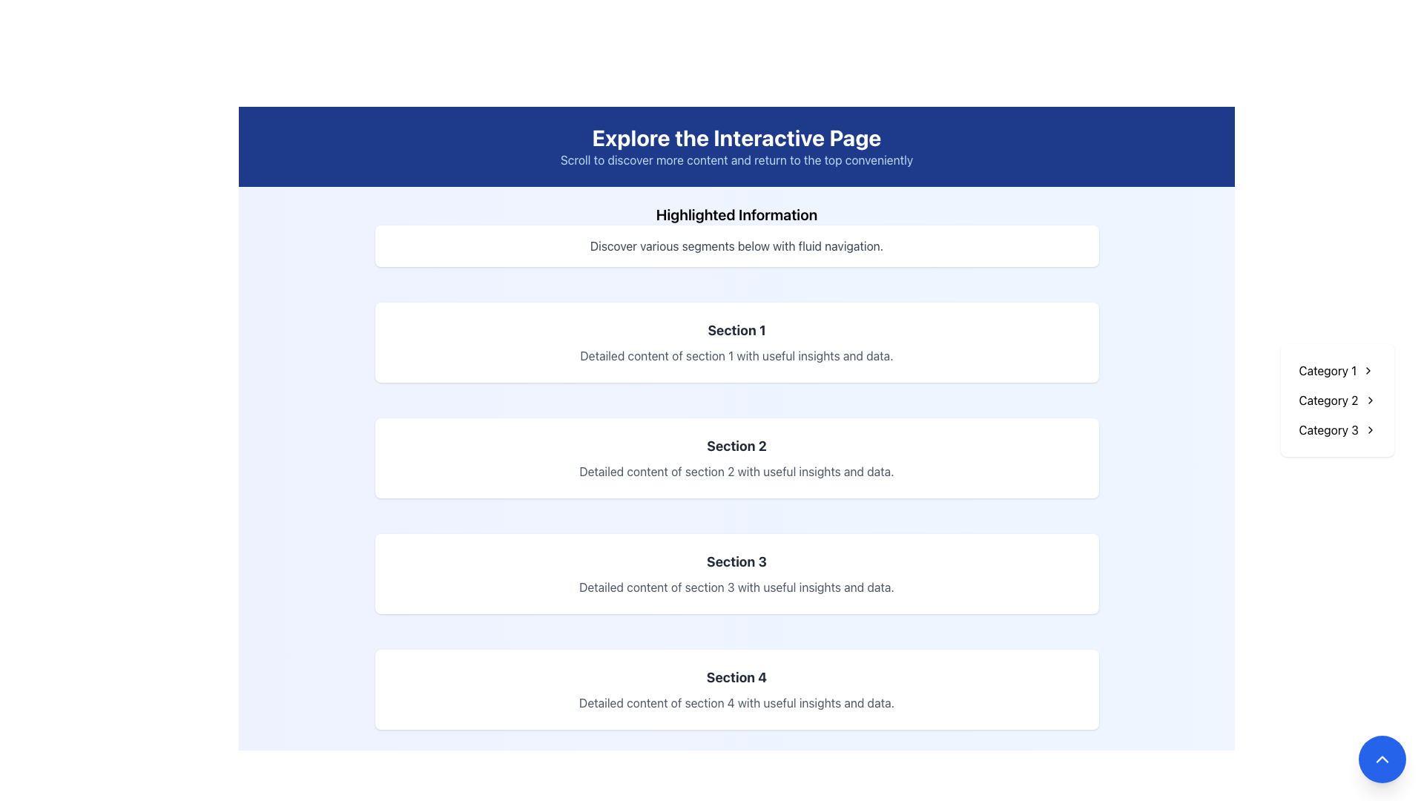  I want to click on text label that contains 'Detailed content of section 4 with useful insights and data.' which is styled in gray and positioned below the 'Section 4' header, so click(736, 702).